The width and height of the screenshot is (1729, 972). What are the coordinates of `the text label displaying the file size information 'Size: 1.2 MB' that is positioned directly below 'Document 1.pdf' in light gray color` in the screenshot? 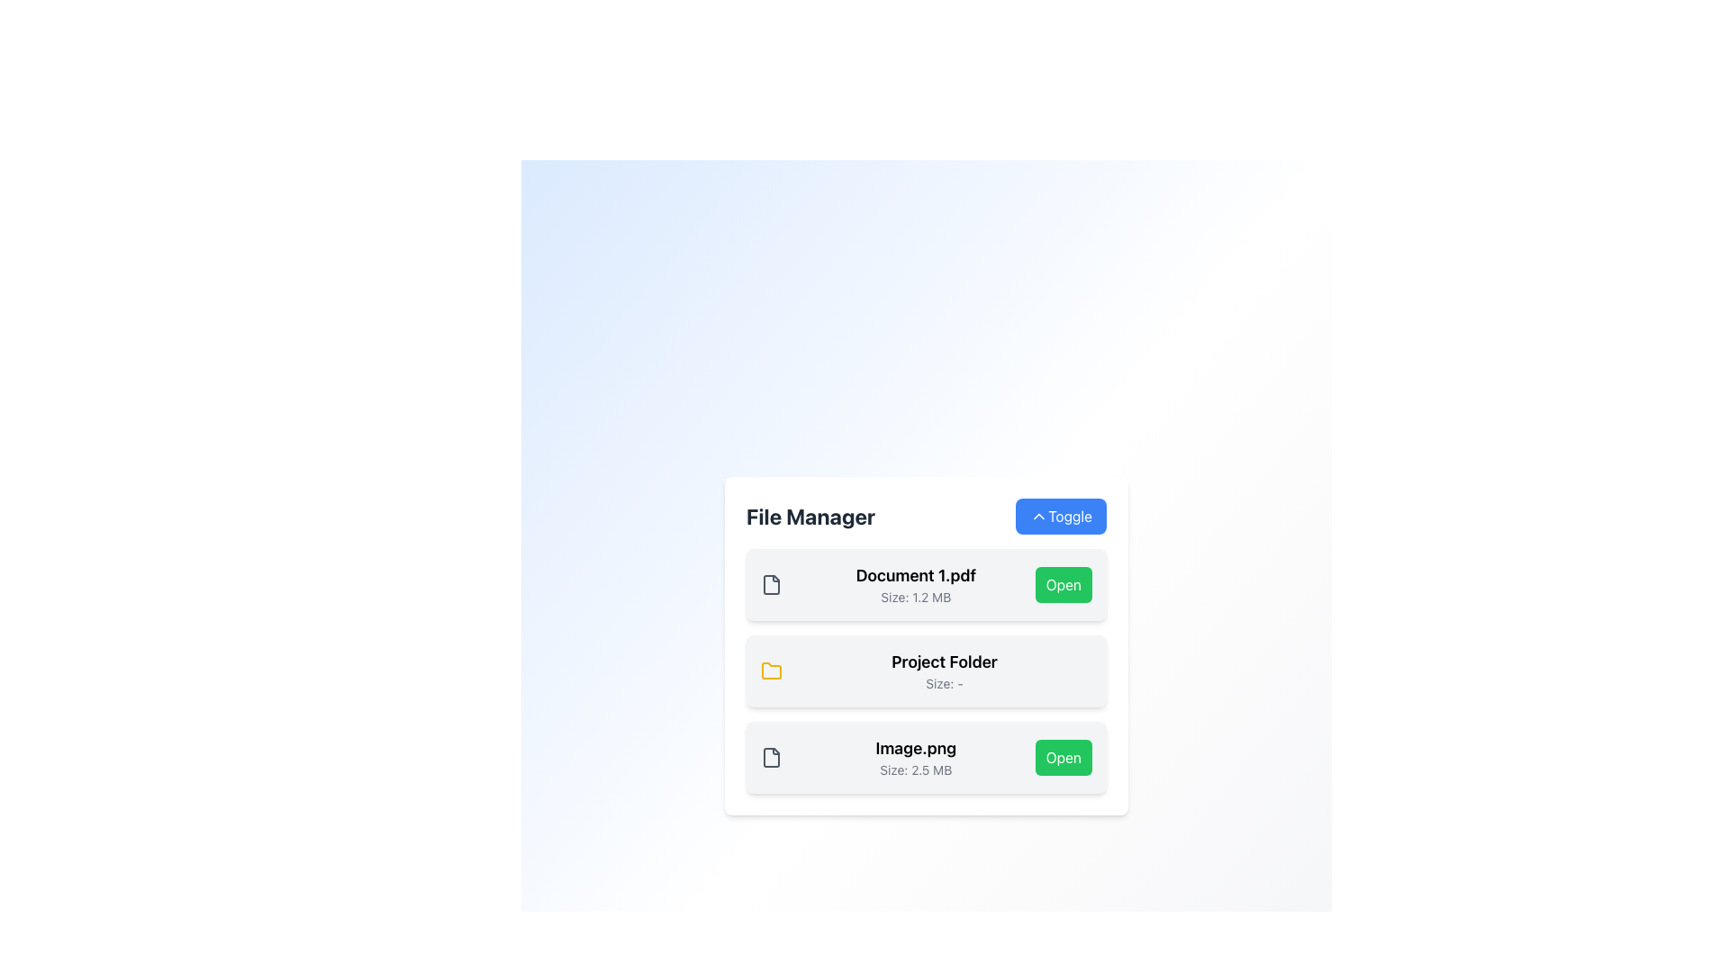 It's located at (916, 597).